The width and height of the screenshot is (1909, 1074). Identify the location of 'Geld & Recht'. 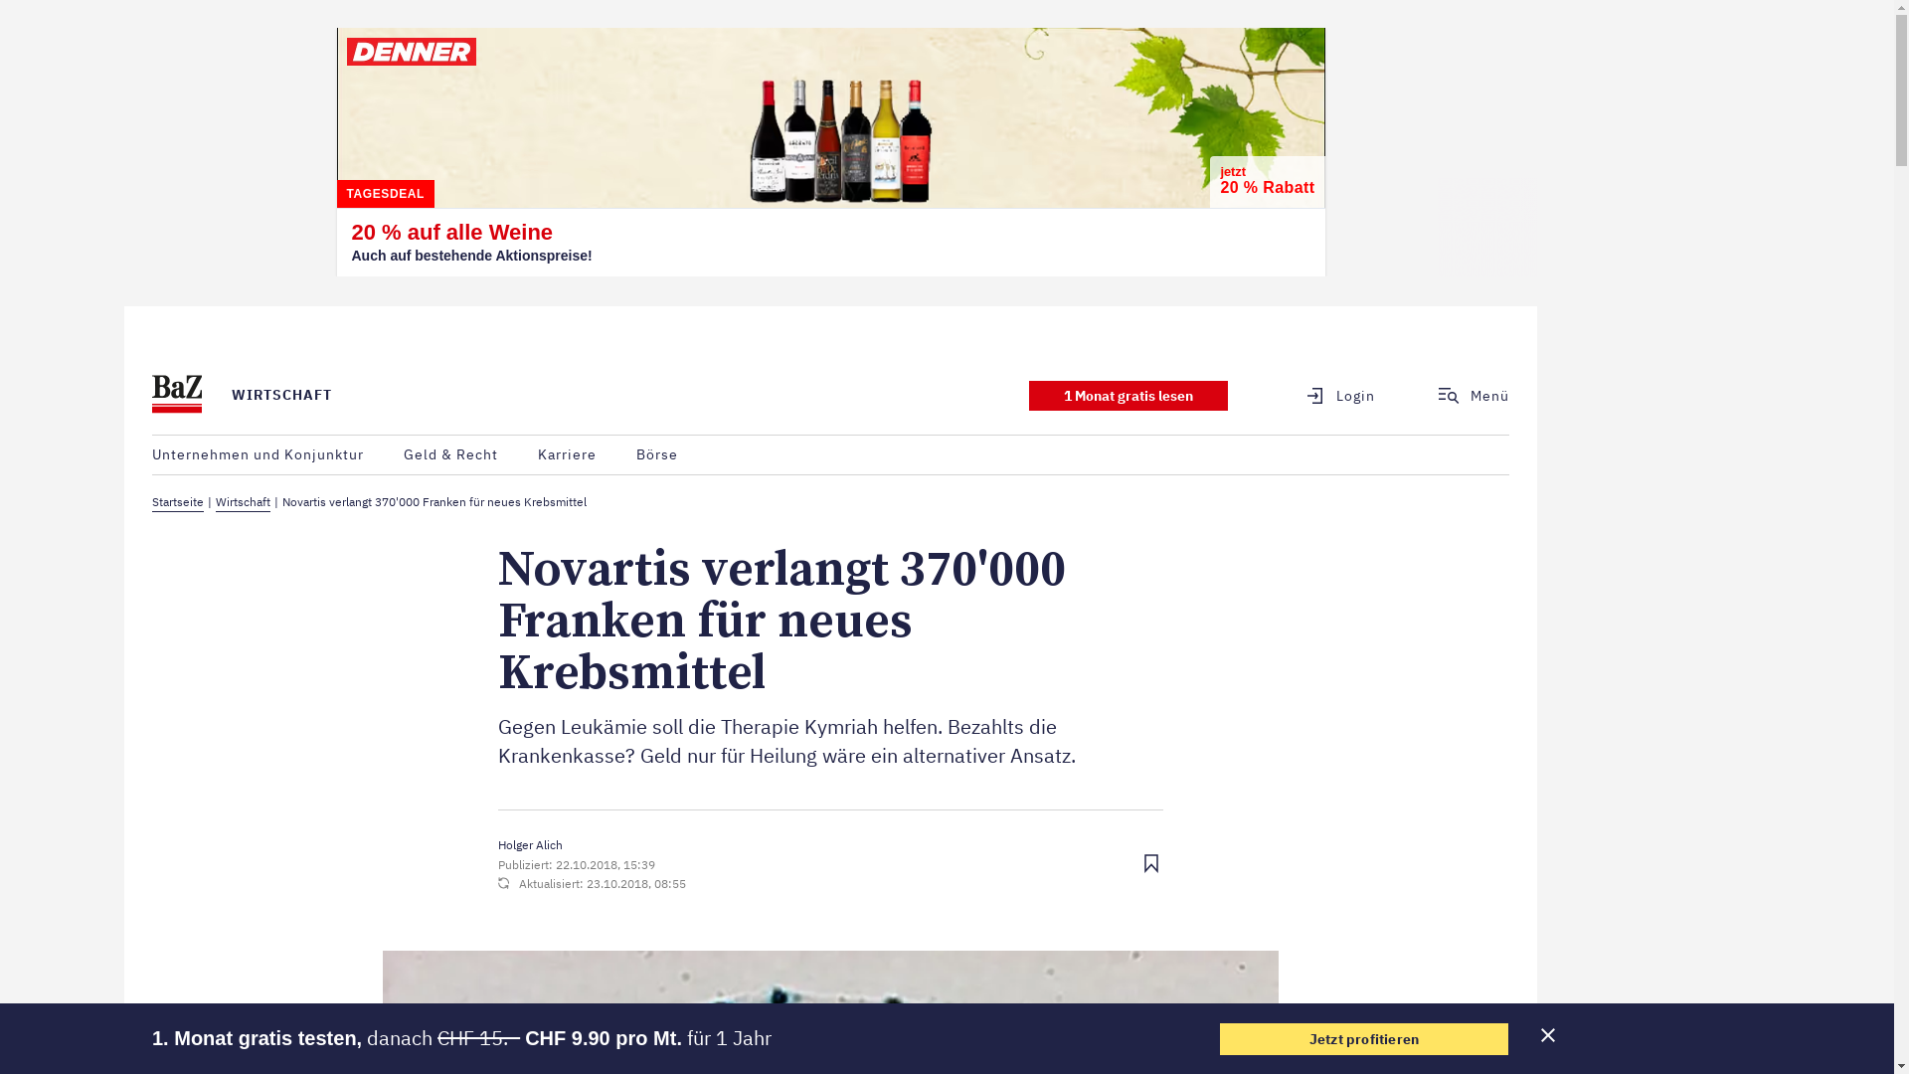
(403, 454).